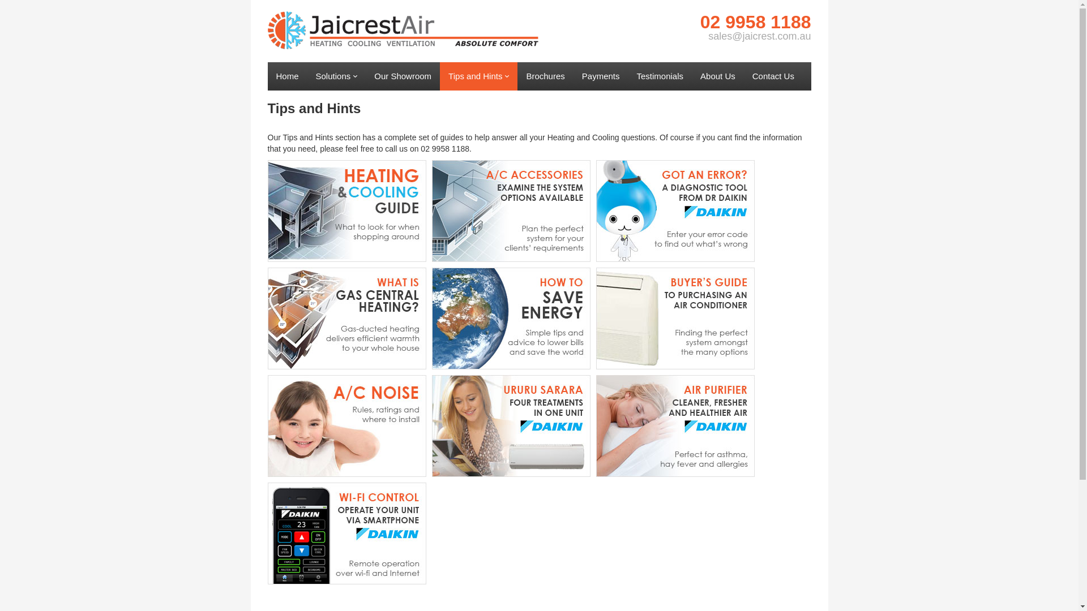  I want to click on 'sales@jaicrest.com.au', so click(759, 36).